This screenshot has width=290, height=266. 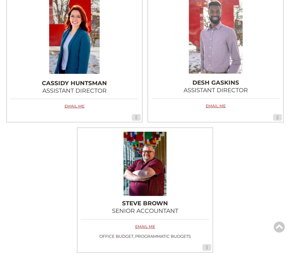 I want to click on 'OFFICE BUDGET, PROGRAMMATIC BUDGETS', so click(x=145, y=236).